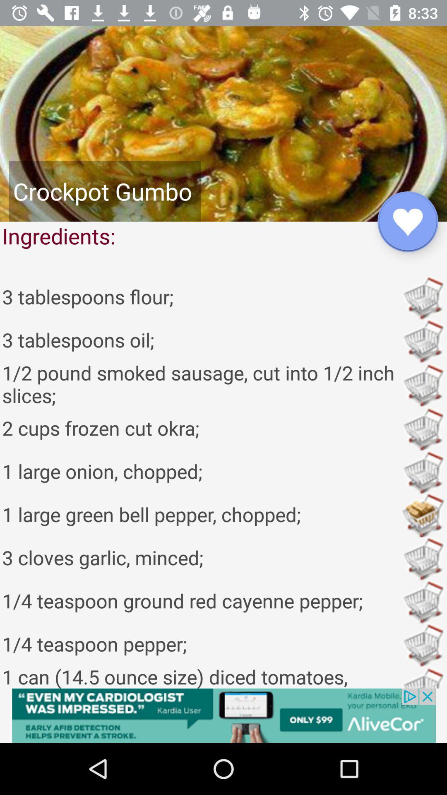 The height and width of the screenshot is (795, 447). Describe the element at coordinates (223, 715) in the screenshot. I see `opens advertisement` at that location.